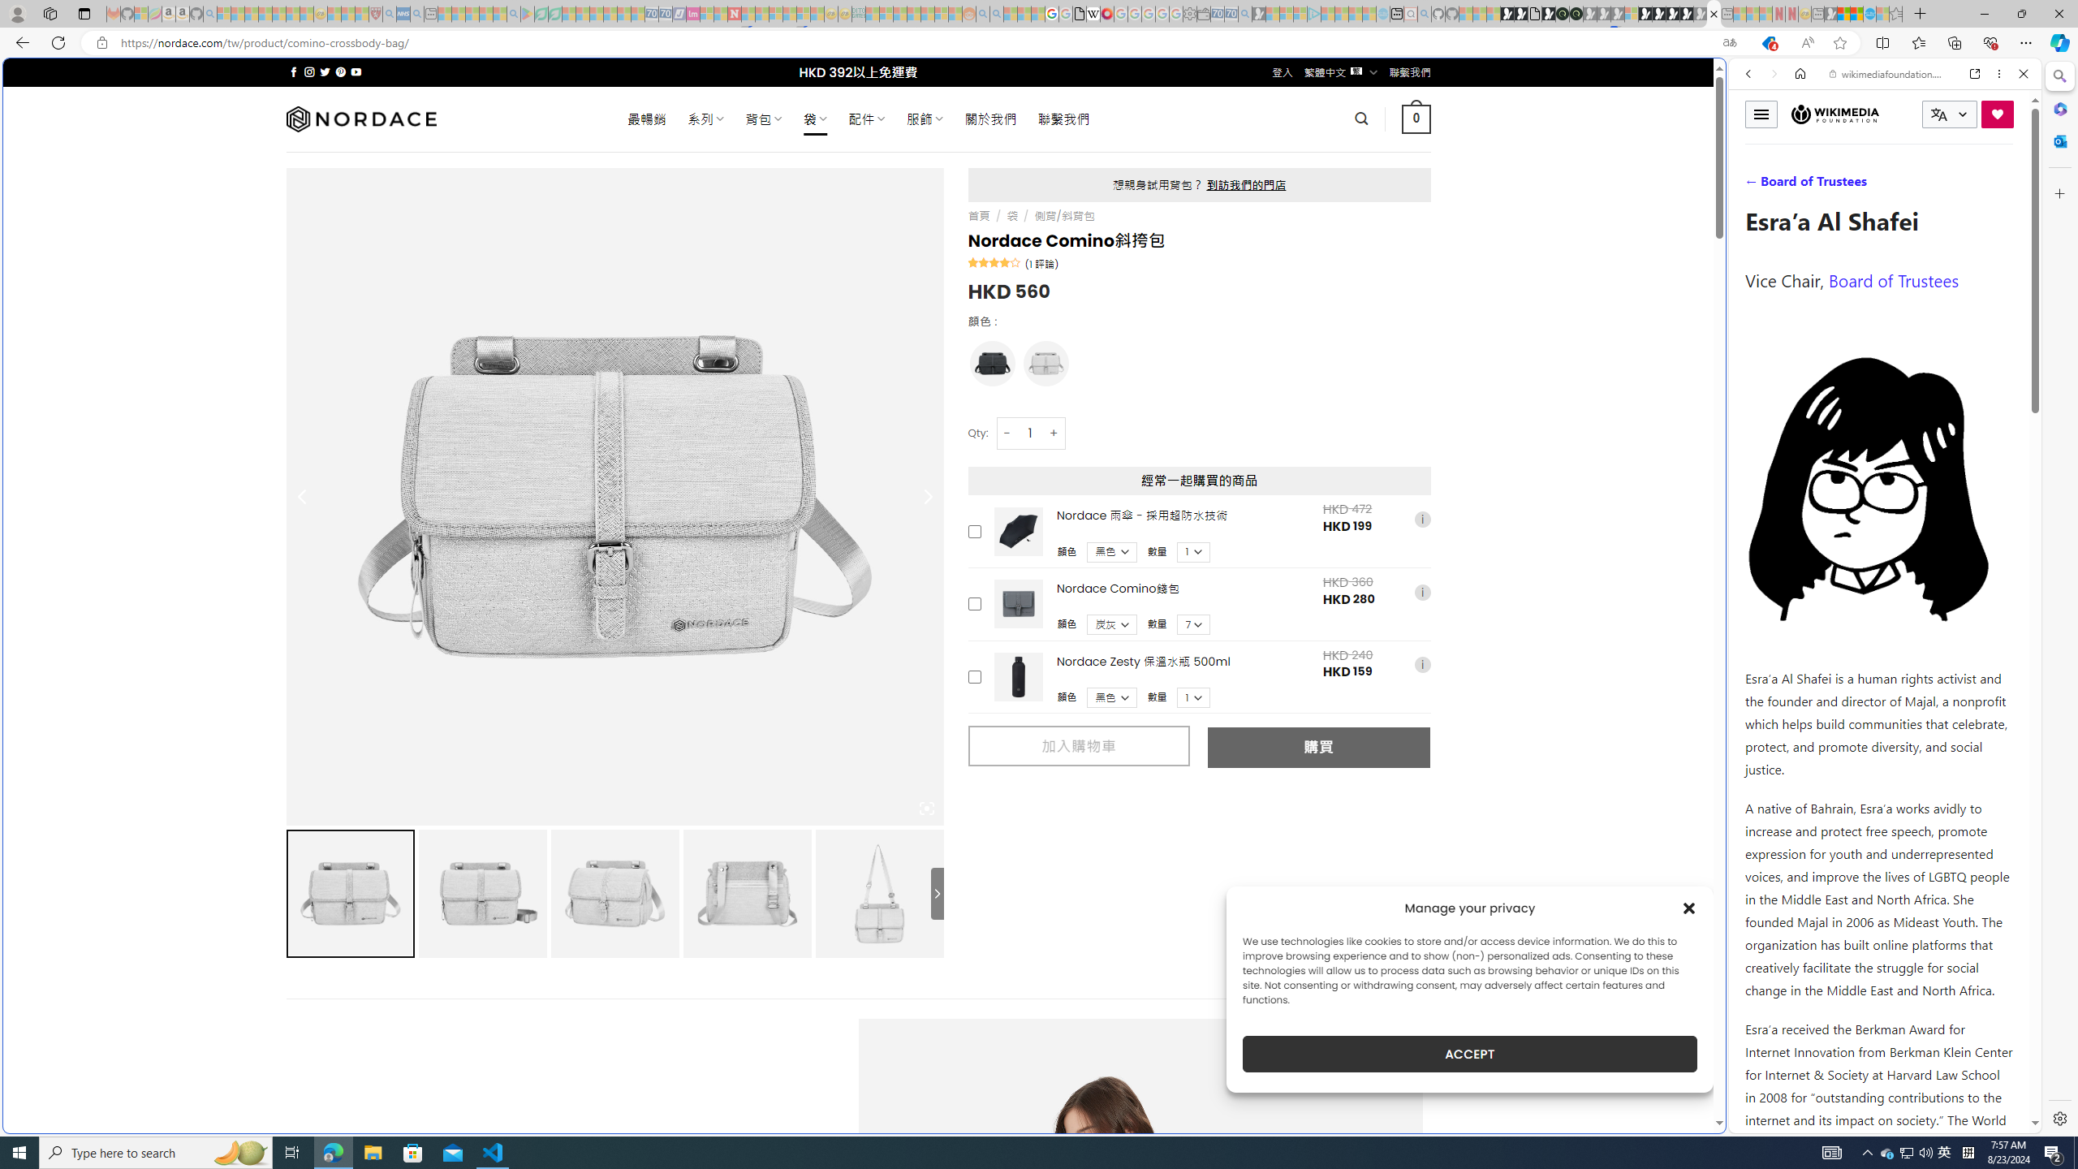  I want to click on 'Play Zoo Boom in your browser | Games from Microsoft Start', so click(1520, 13).